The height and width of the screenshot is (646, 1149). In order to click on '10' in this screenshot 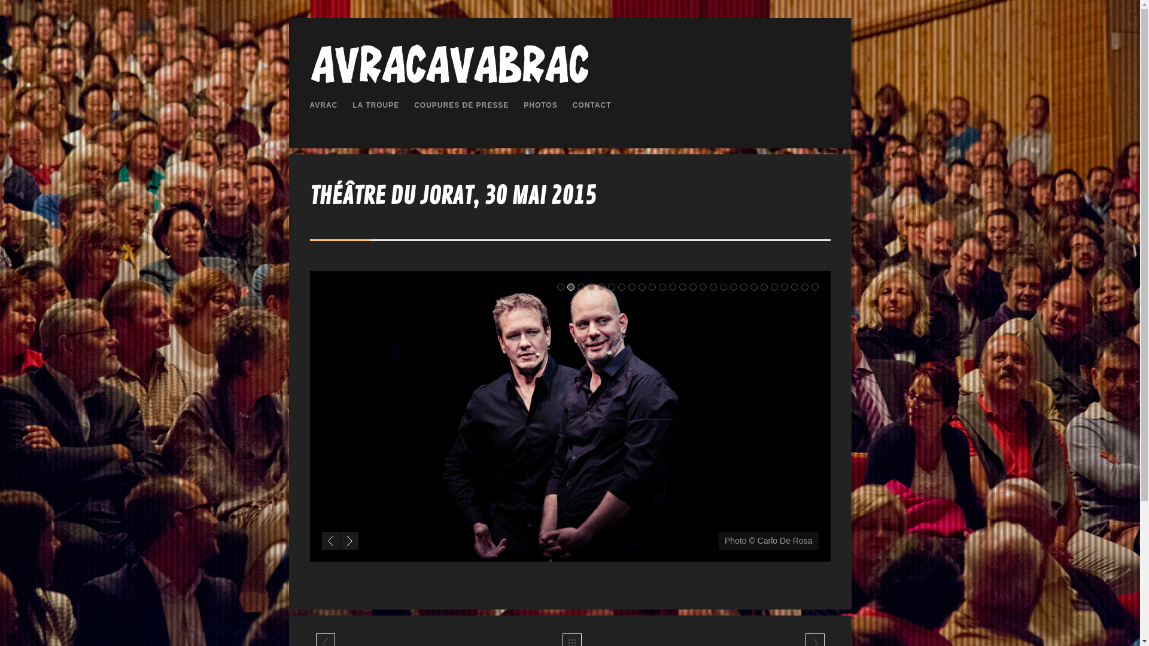, I will do `click(651, 287)`.